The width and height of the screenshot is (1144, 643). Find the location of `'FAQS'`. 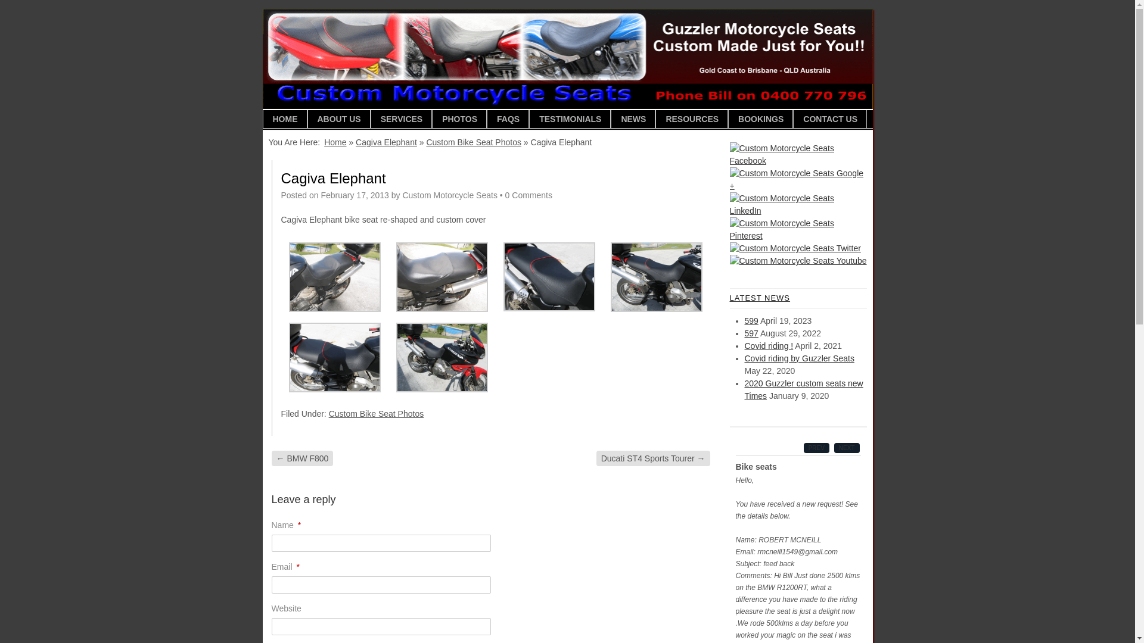

'FAQS' is located at coordinates (508, 119).